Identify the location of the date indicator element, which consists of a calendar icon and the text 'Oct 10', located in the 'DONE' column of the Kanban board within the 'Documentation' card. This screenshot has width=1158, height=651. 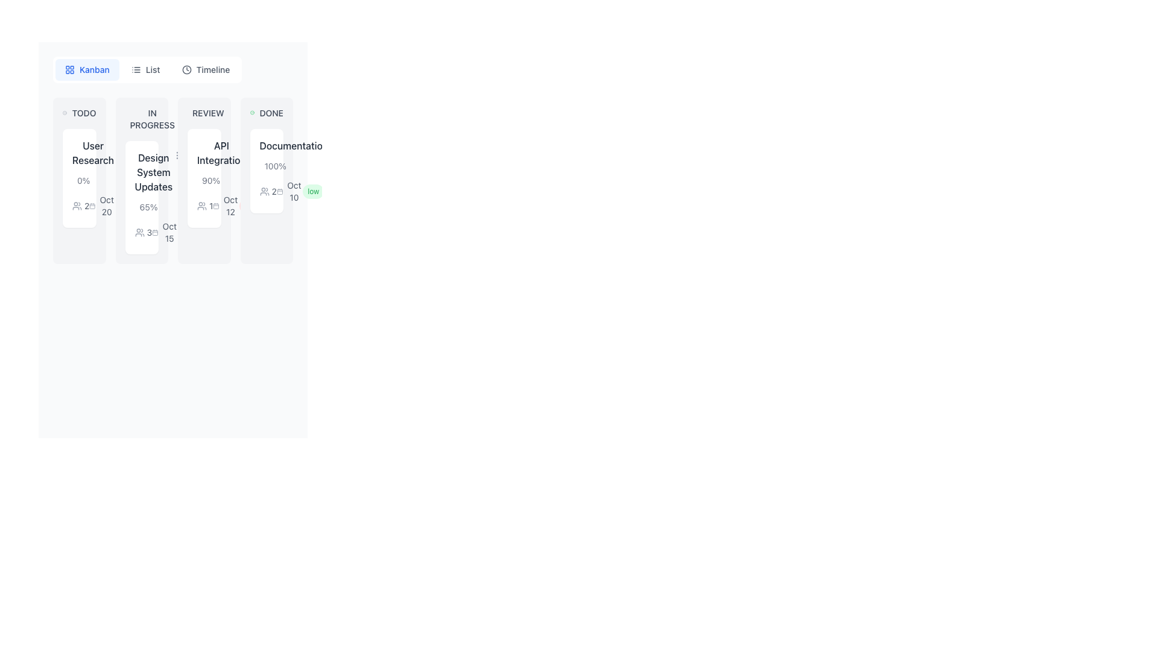
(289, 190).